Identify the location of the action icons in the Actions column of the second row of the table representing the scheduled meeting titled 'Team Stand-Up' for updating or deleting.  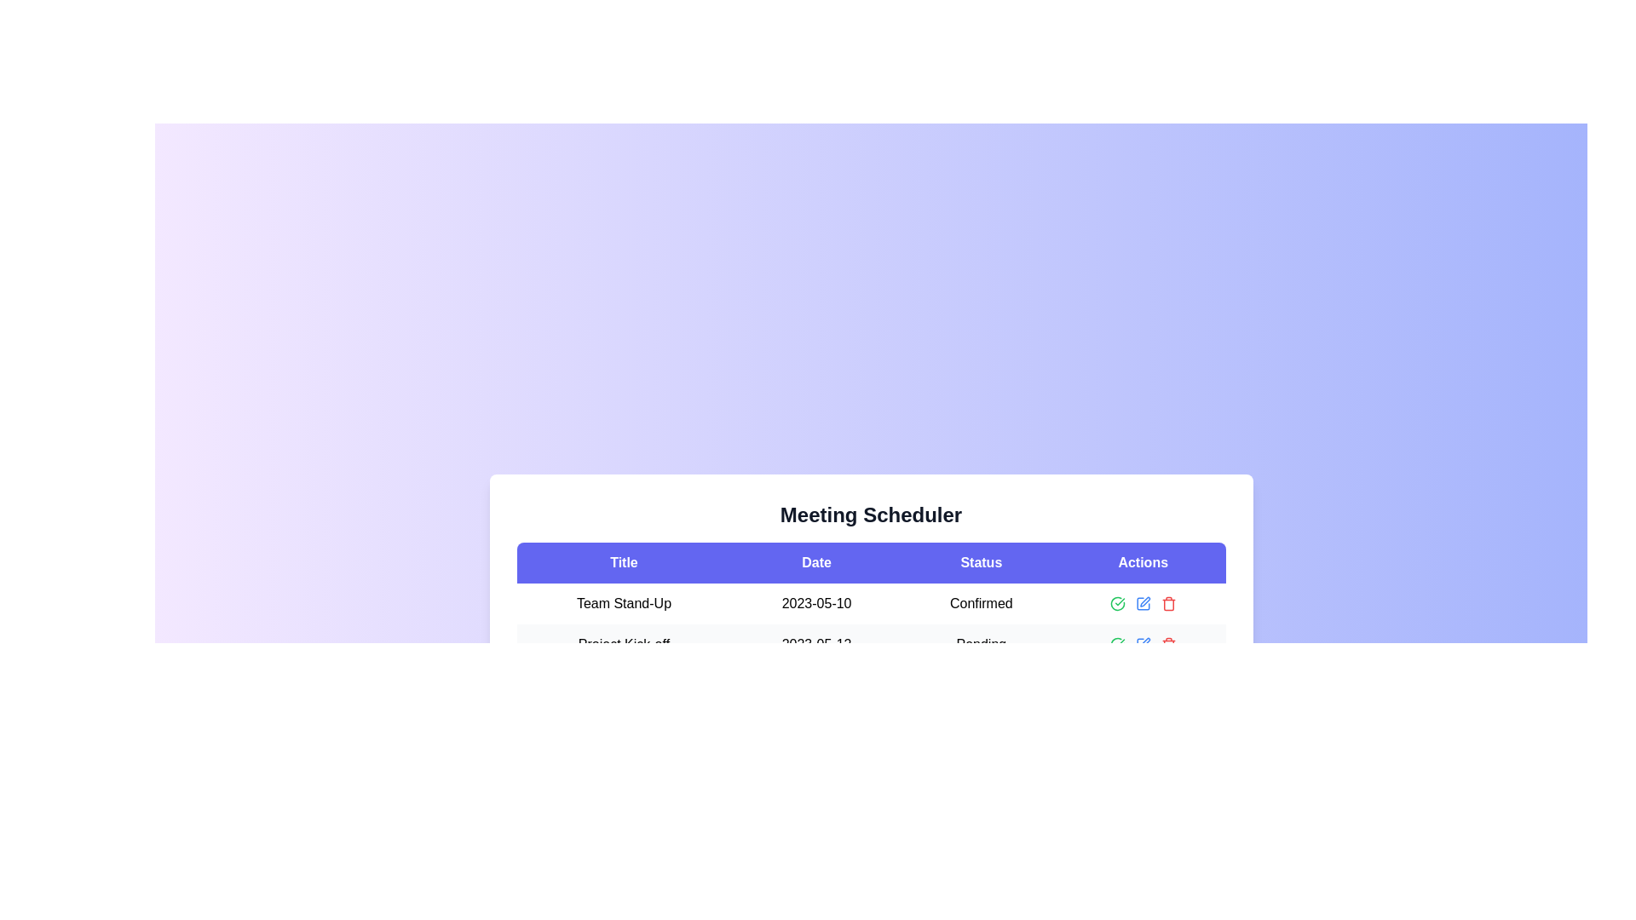
(871, 644).